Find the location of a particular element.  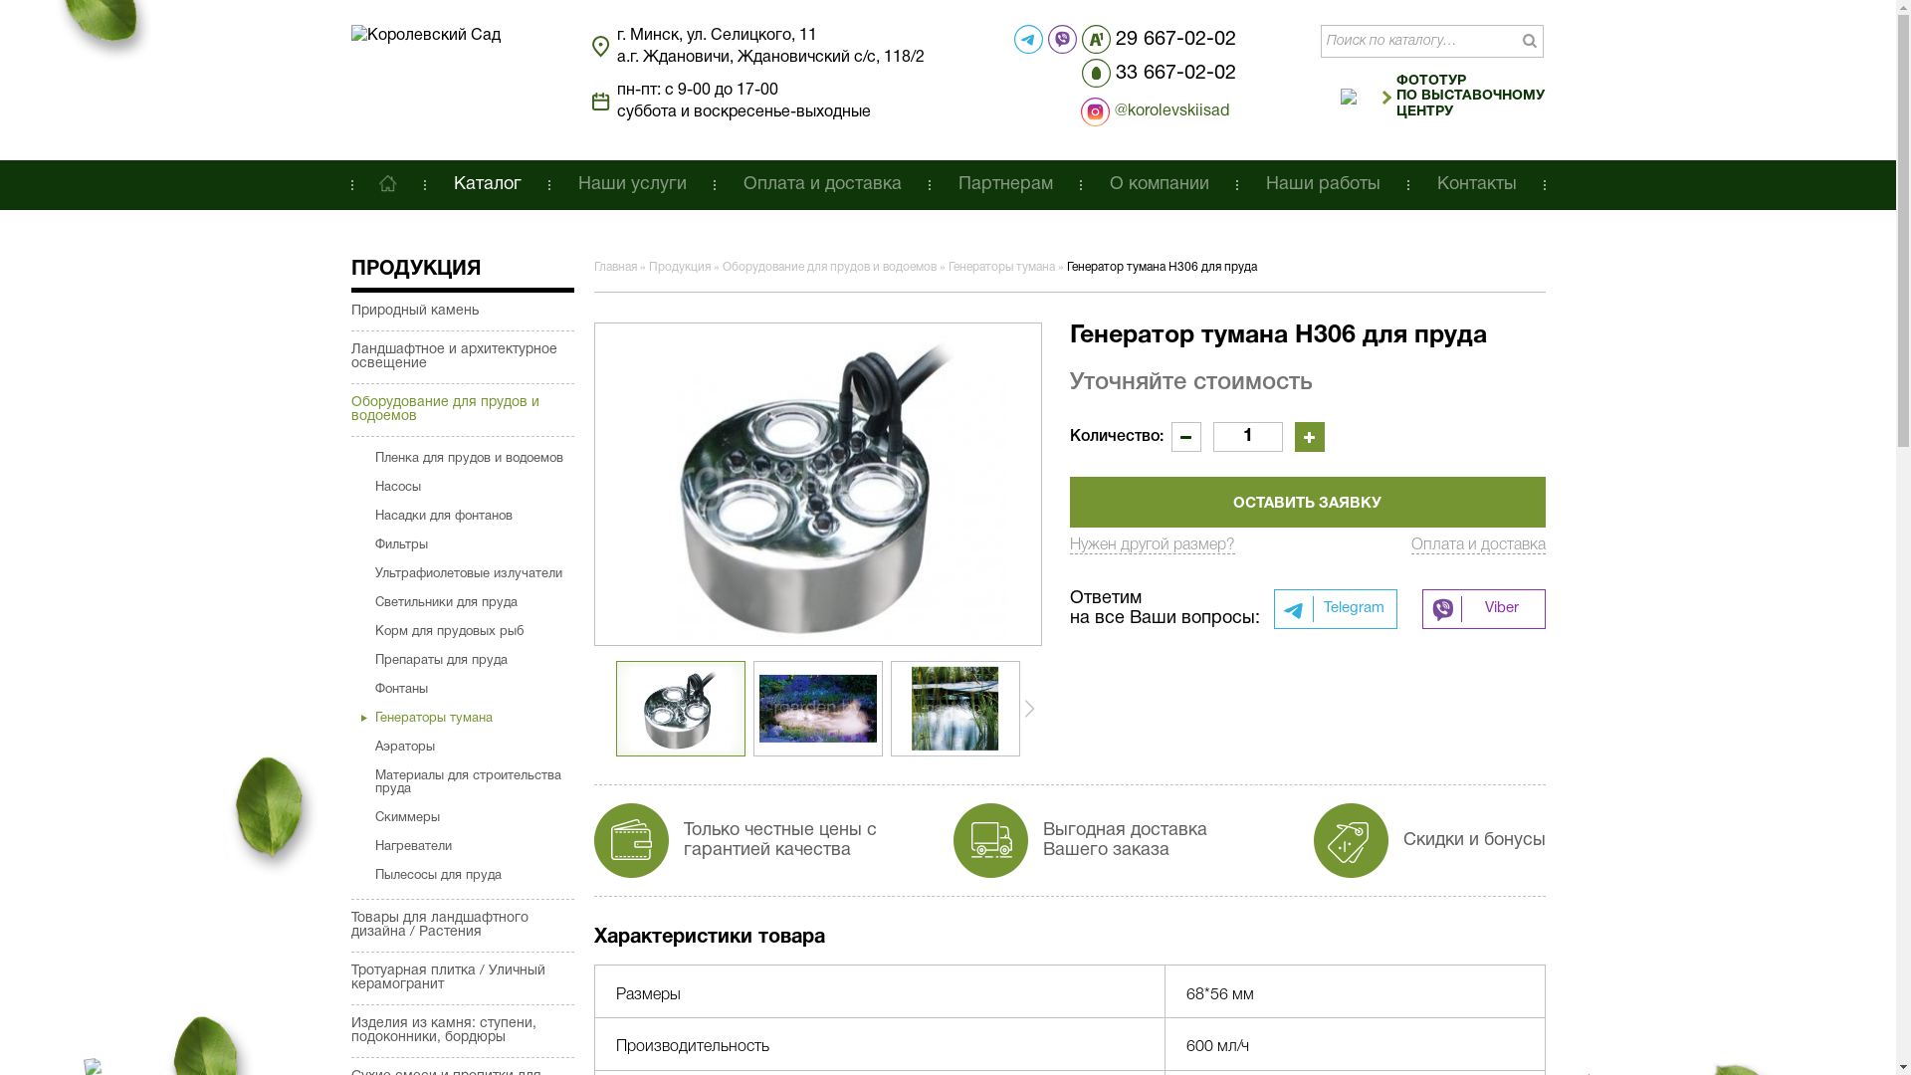

'@korolevskiisad' is located at coordinates (1123, 111).